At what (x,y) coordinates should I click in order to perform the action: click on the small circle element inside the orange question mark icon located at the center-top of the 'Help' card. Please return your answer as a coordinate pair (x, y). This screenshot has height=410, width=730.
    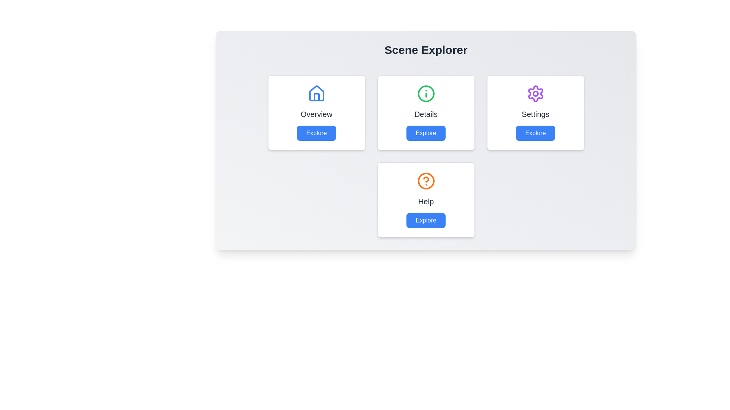
    Looking at the image, I should click on (426, 181).